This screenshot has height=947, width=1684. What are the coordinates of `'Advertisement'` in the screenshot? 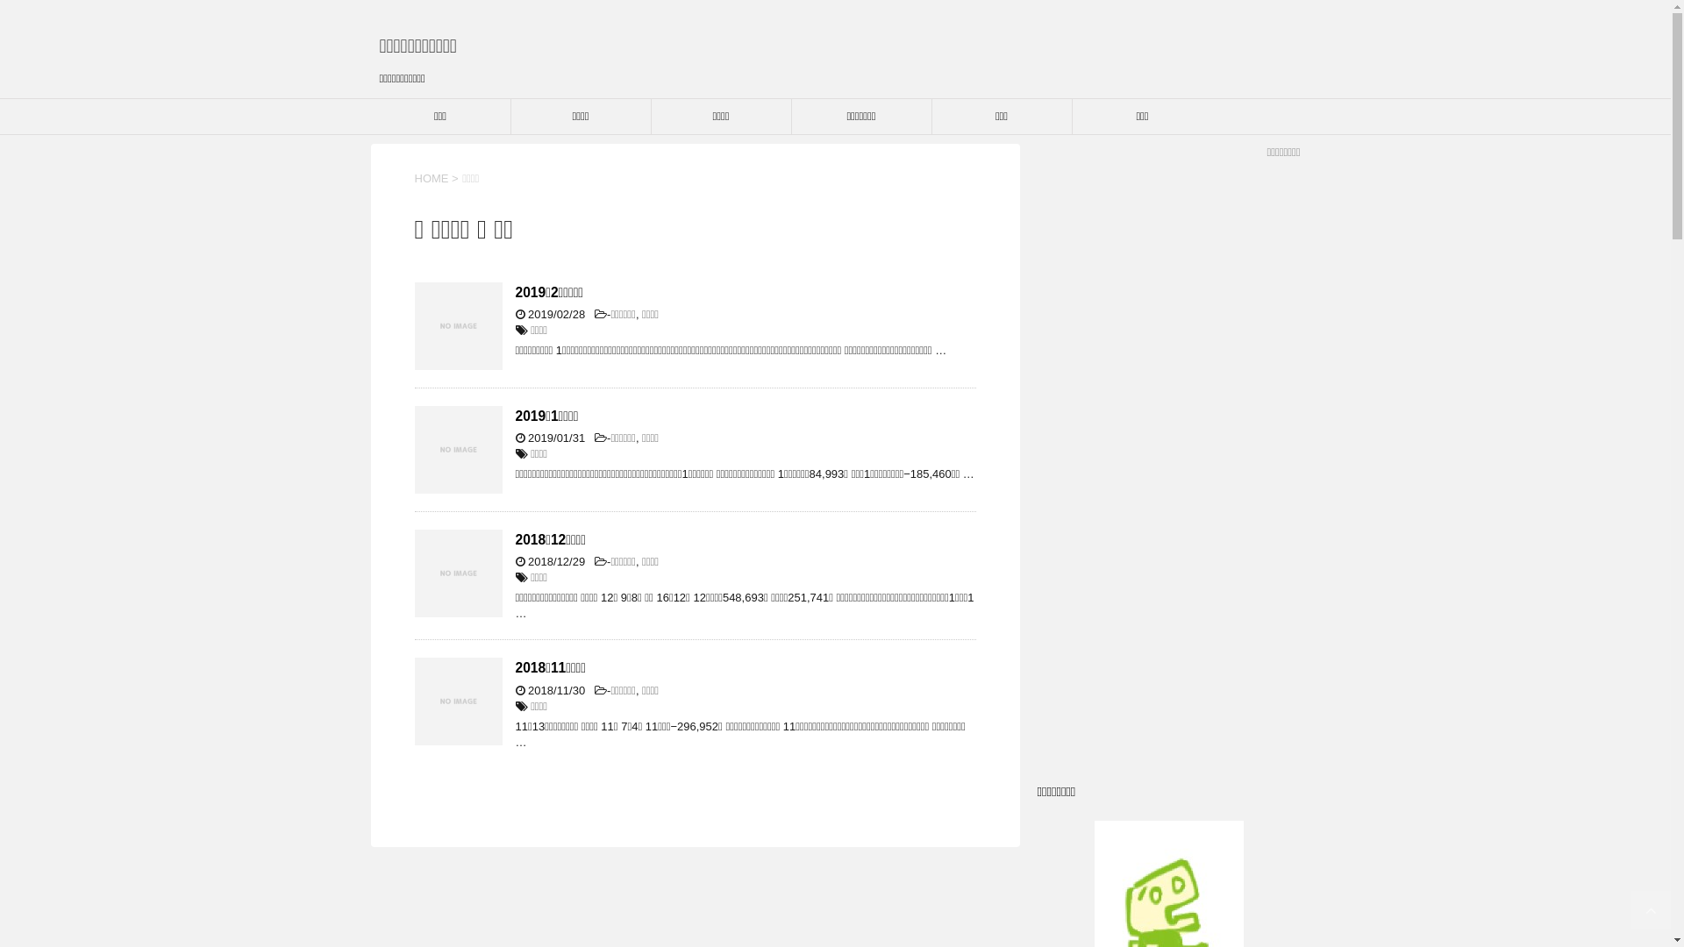 It's located at (1167, 466).